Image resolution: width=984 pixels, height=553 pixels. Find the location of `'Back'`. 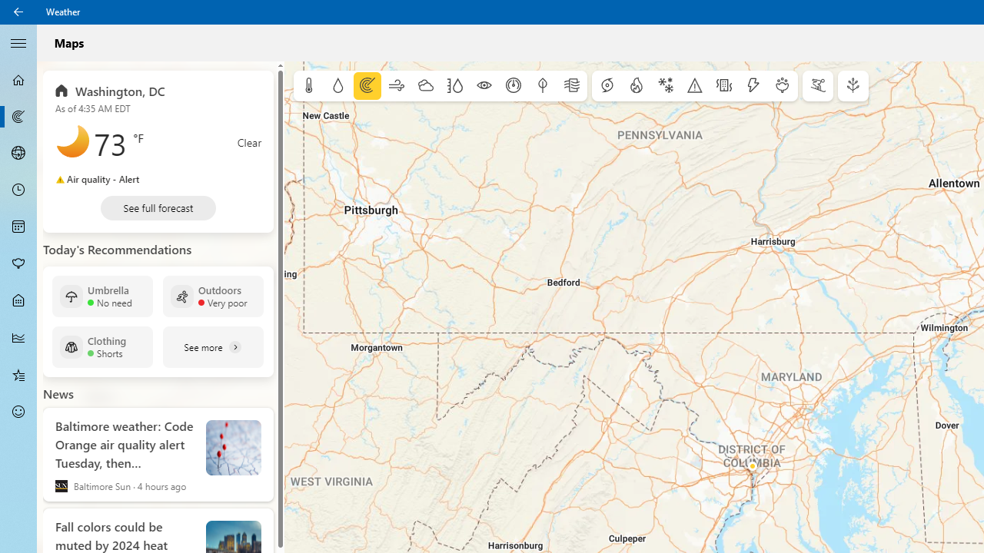

'Back' is located at coordinates (18, 12).